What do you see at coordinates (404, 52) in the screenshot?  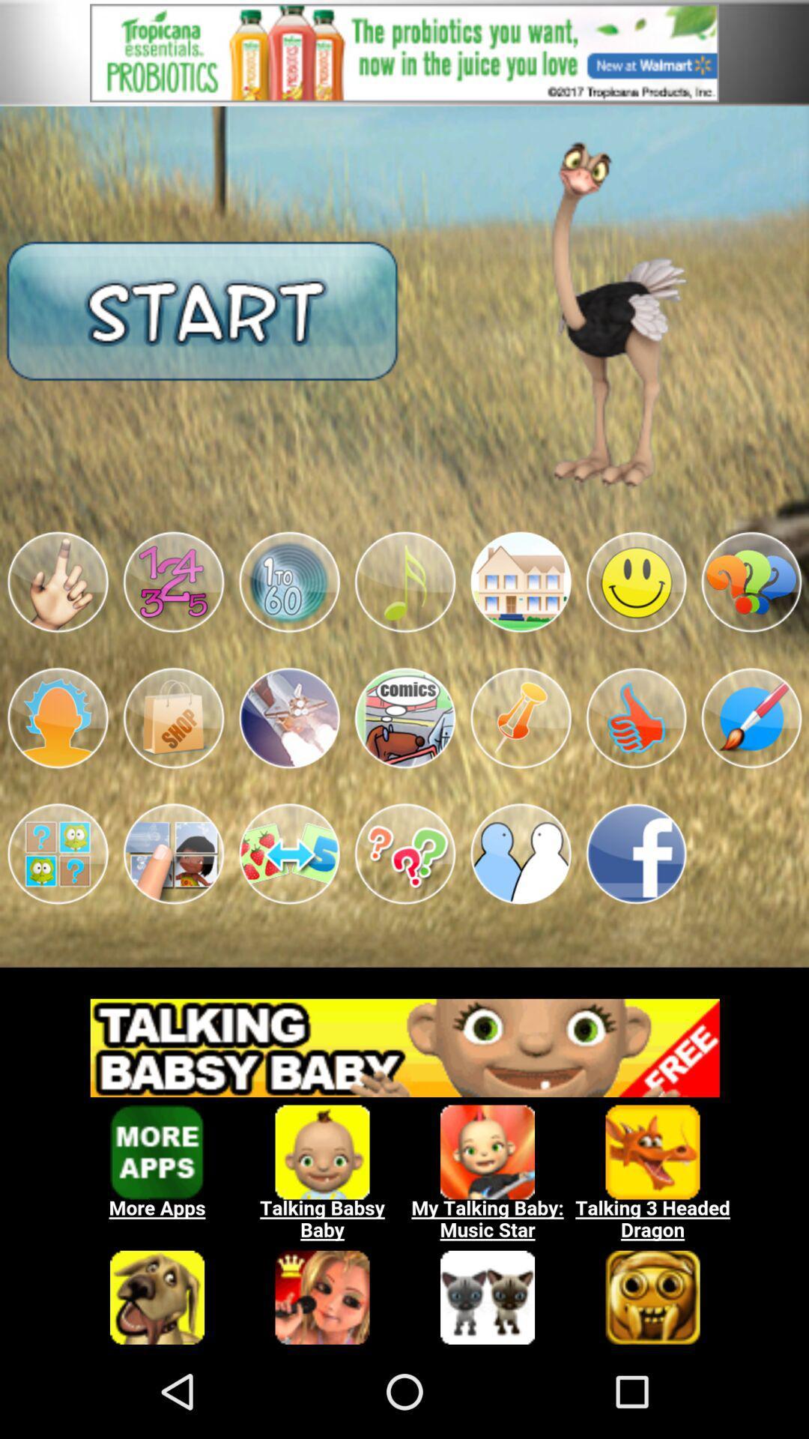 I see `advertisement` at bounding box center [404, 52].